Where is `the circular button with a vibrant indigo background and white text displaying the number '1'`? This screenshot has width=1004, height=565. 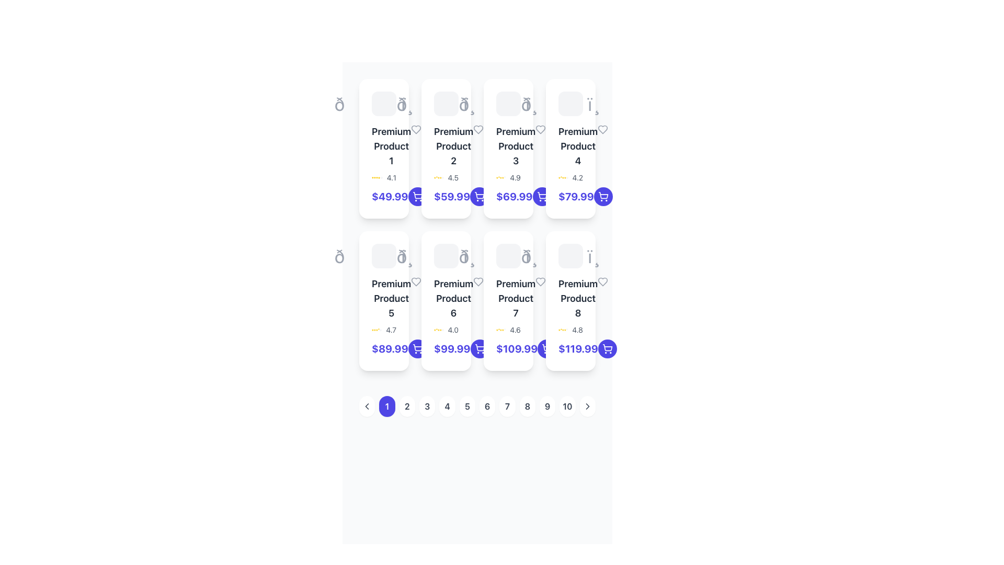
the circular button with a vibrant indigo background and white text displaying the number '1' is located at coordinates (386, 405).